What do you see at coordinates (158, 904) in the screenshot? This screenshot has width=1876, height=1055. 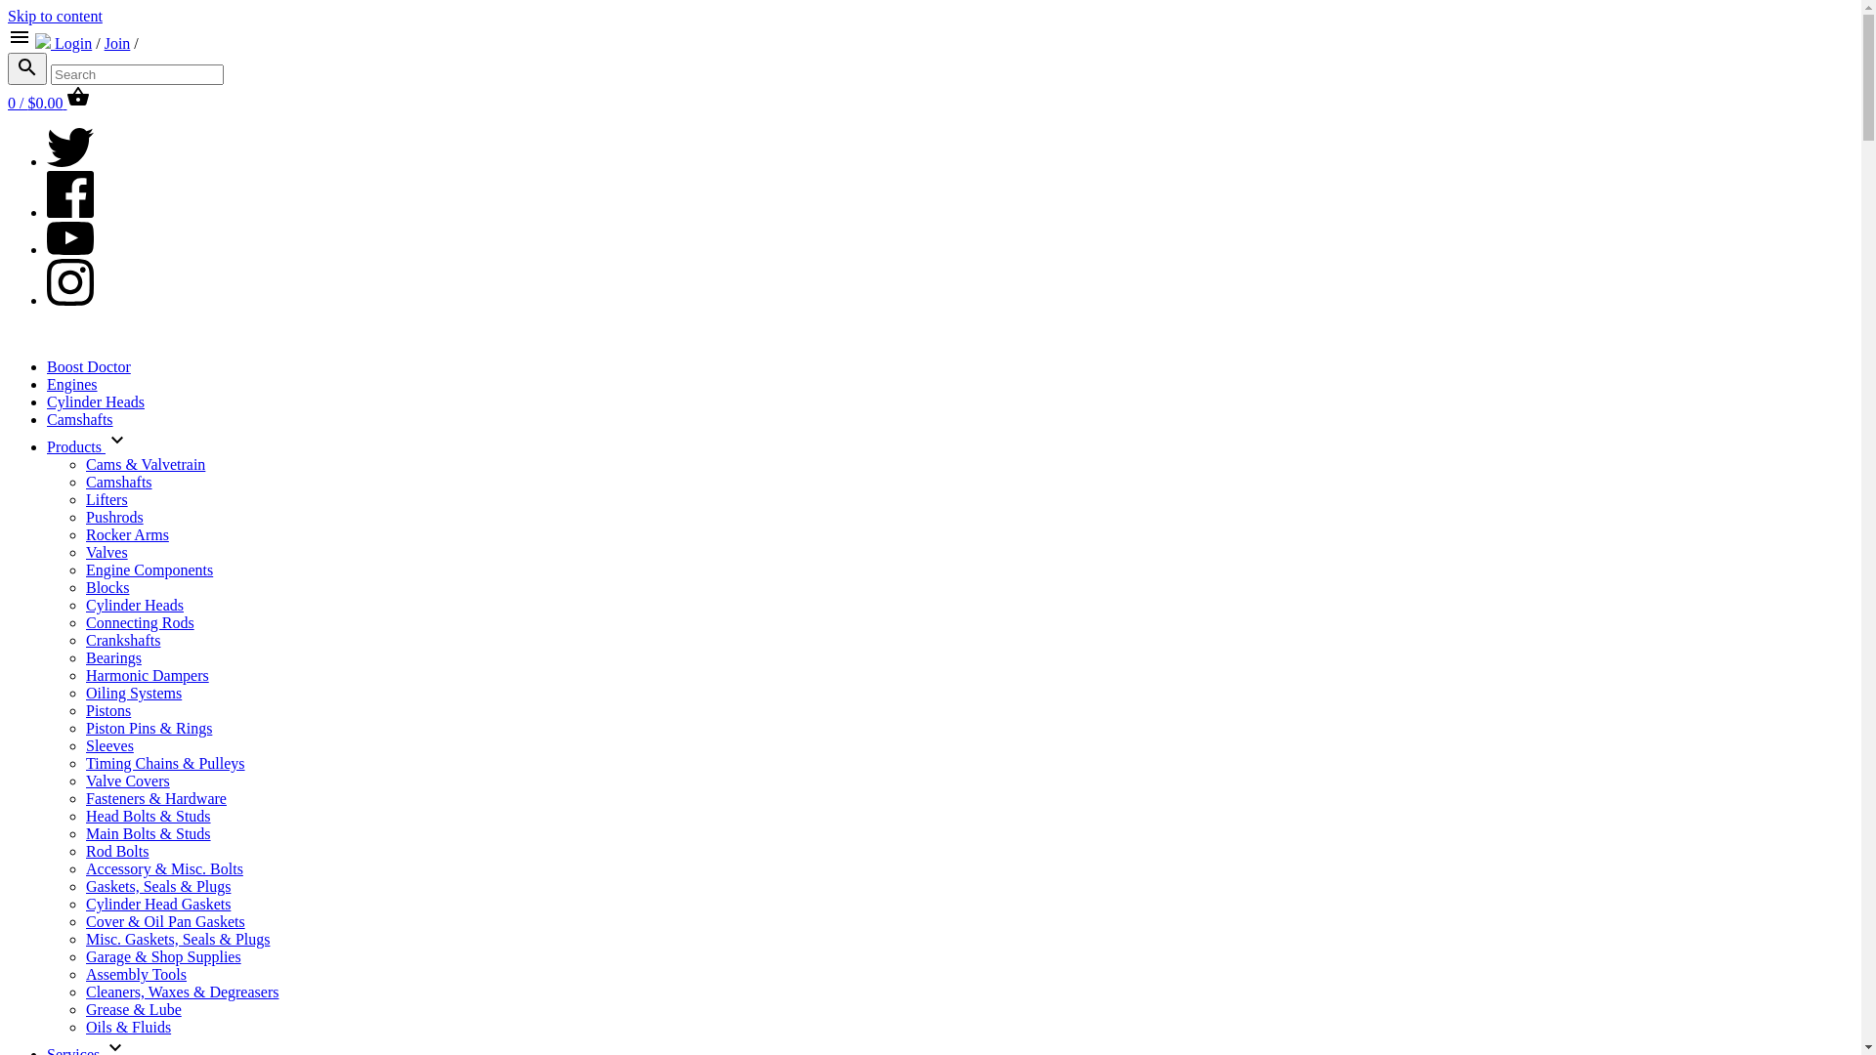 I see `'Cylinder Head Gaskets'` at bounding box center [158, 904].